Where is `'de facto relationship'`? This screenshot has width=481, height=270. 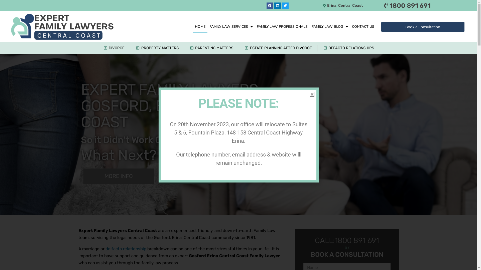 'de facto relationship' is located at coordinates (126, 248).